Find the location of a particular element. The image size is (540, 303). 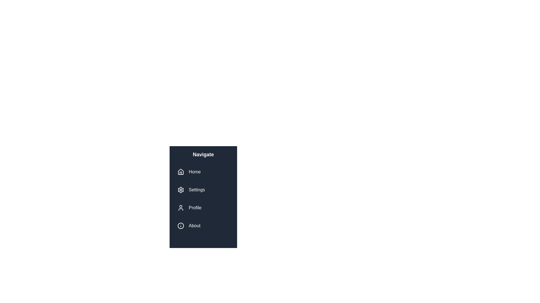

the 'Settings' icon in the sidebar menu is located at coordinates (181, 190).